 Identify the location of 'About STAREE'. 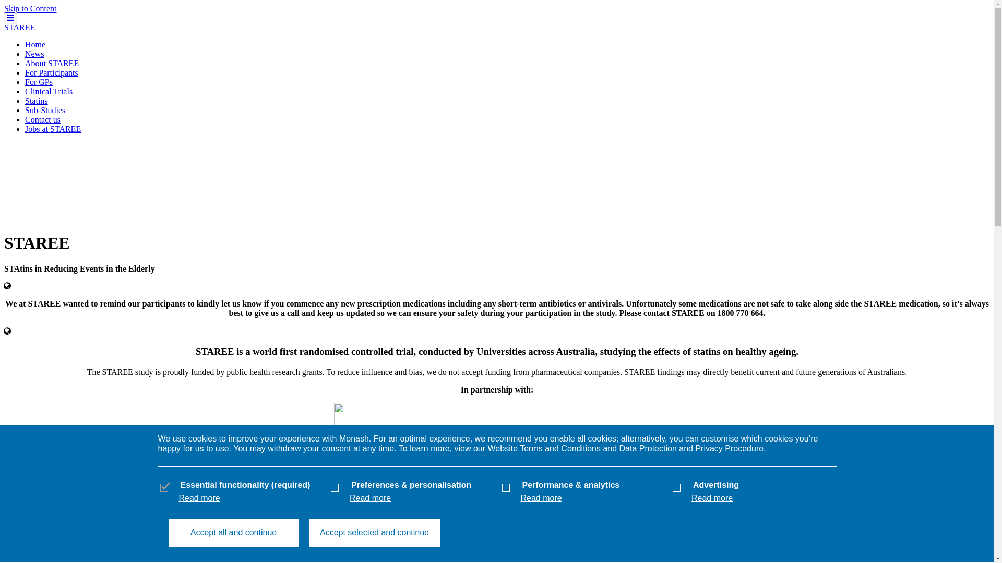
(51, 63).